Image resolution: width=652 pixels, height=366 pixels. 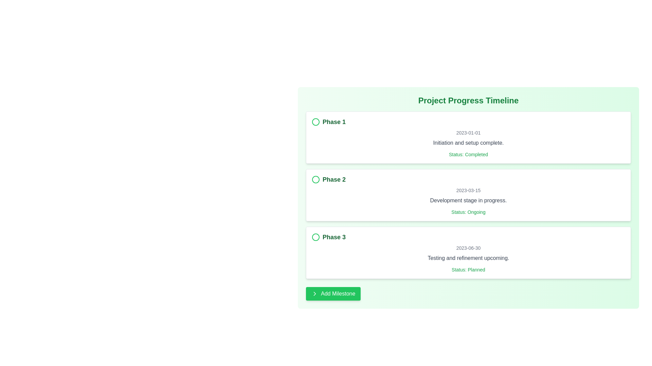 What do you see at coordinates (333, 293) in the screenshot?
I see `the green 'Add Milestone' button with white text and a right-pointing chevron icon located at the bottom-right of the 'Project Progress Timeline' panel to initiate adding a milestone` at bounding box center [333, 293].